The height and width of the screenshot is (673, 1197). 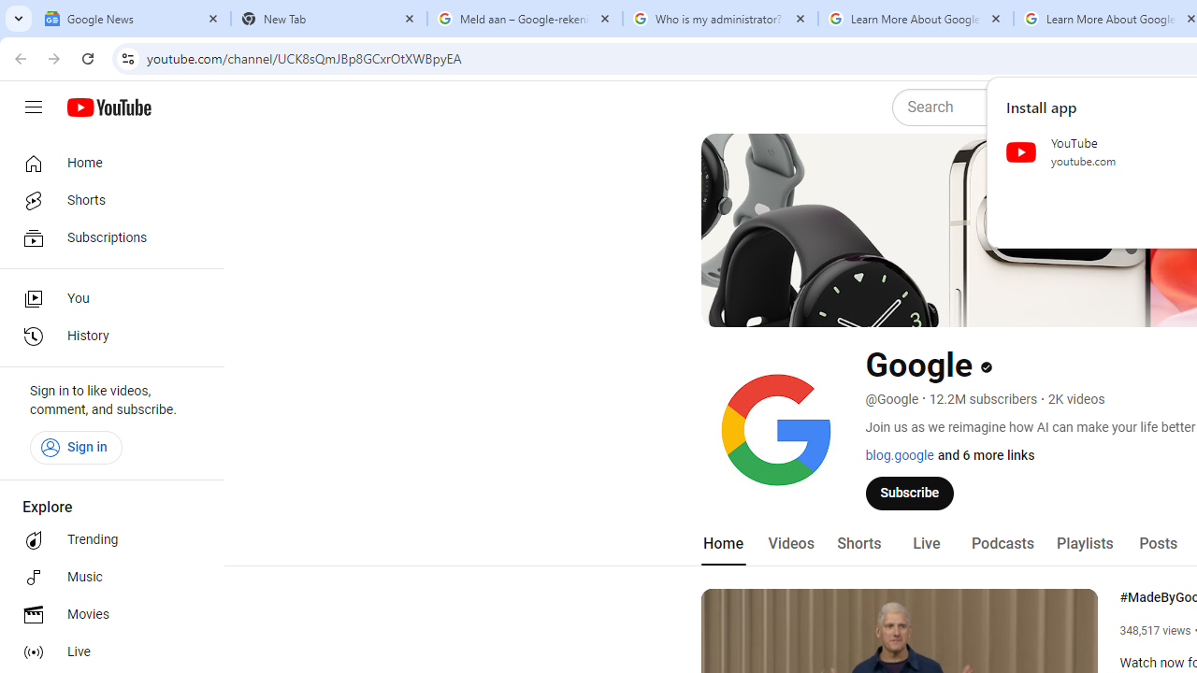 What do you see at coordinates (985, 455) in the screenshot?
I see `'and 6 more links'` at bounding box center [985, 455].